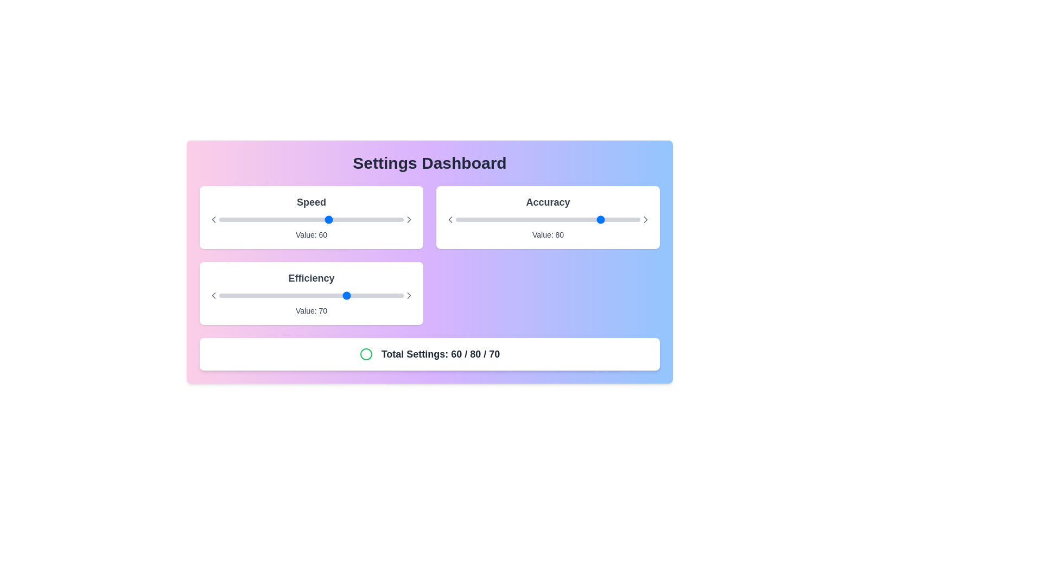 The image size is (1042, 586). Describe the element at coordinates (237, 295) in the screenshot. I see `efficiency` at that location.